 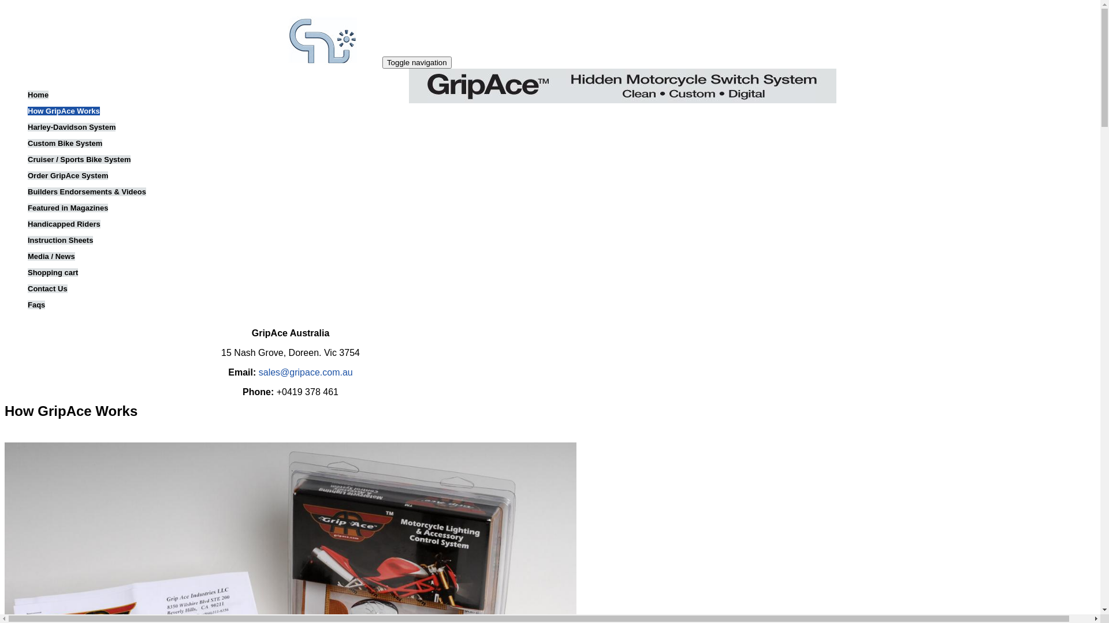 What do you see at coordinates (67, 175) in the screenshot?
I see `'Order GripAce System'` at bounding box center [67, 175].